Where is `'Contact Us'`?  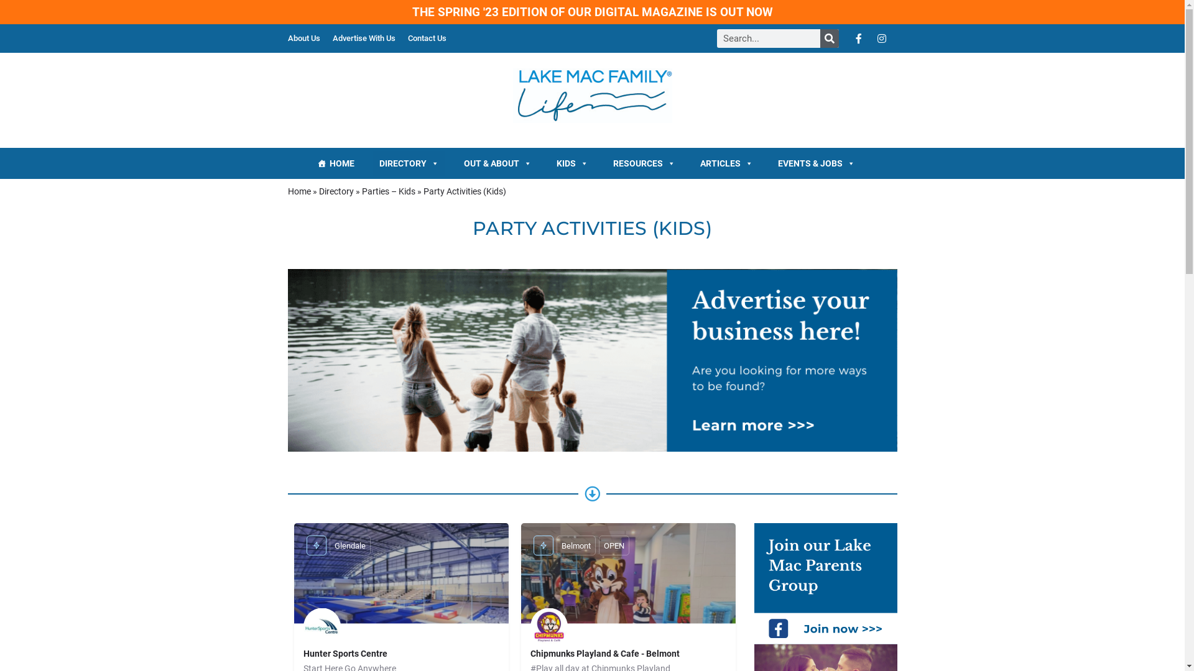 'Contact Us' is located at coordinates (427, 37).